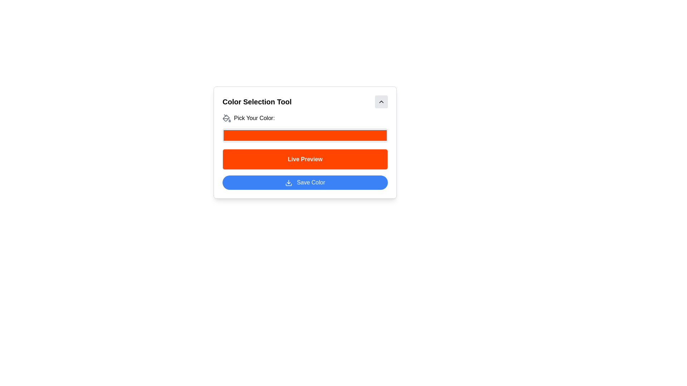  What do you see at coordinates (381, 102) in the screenshot?
I see `the small square-shaped button with a light gray background and an upward-pointing chevron icon, located at the top-right corner of the header section next to 'Color Selection Tool'` at bounding box center [381, 102].